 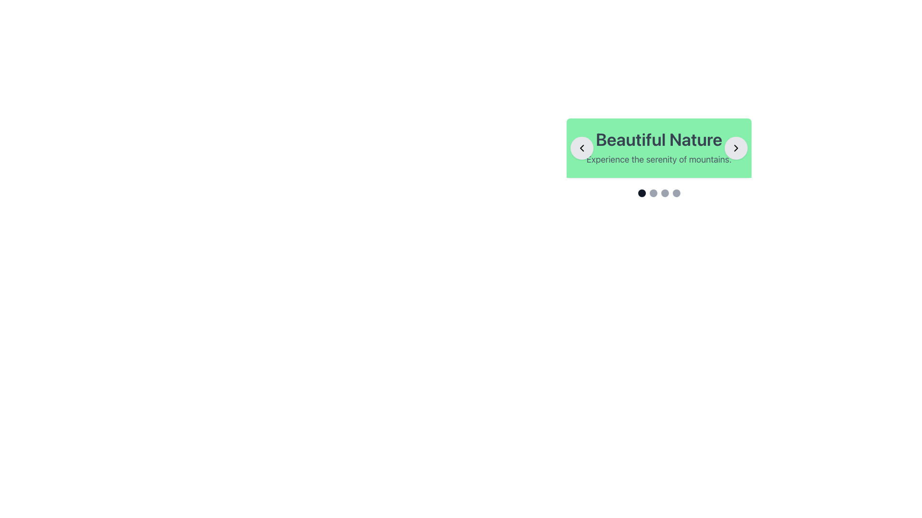 I want to click on the small rightward-facing chevron icon located in the top-right corner of the card-like interface, so click(x=735, y=148).